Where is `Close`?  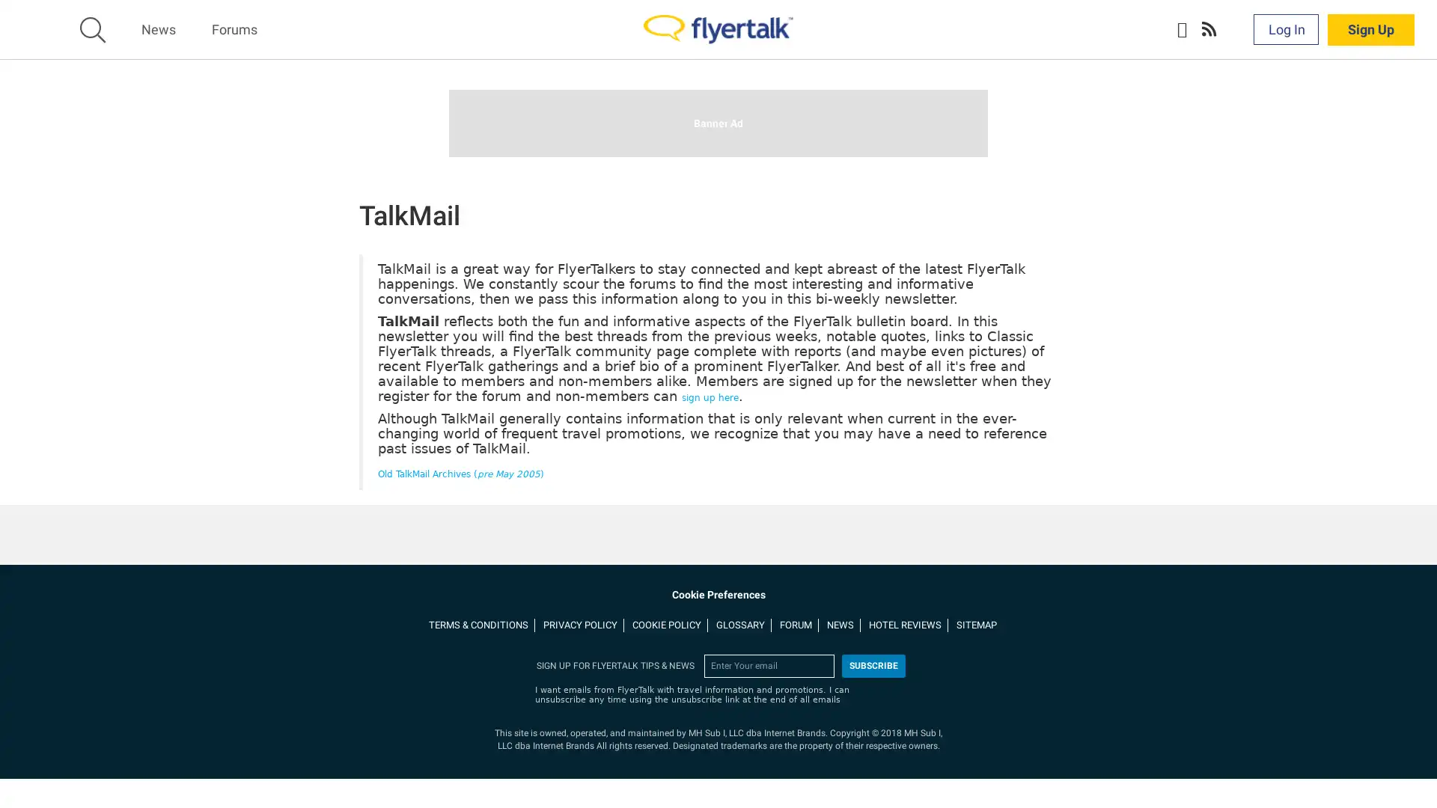
Close is located at coordinates (1418, 770).